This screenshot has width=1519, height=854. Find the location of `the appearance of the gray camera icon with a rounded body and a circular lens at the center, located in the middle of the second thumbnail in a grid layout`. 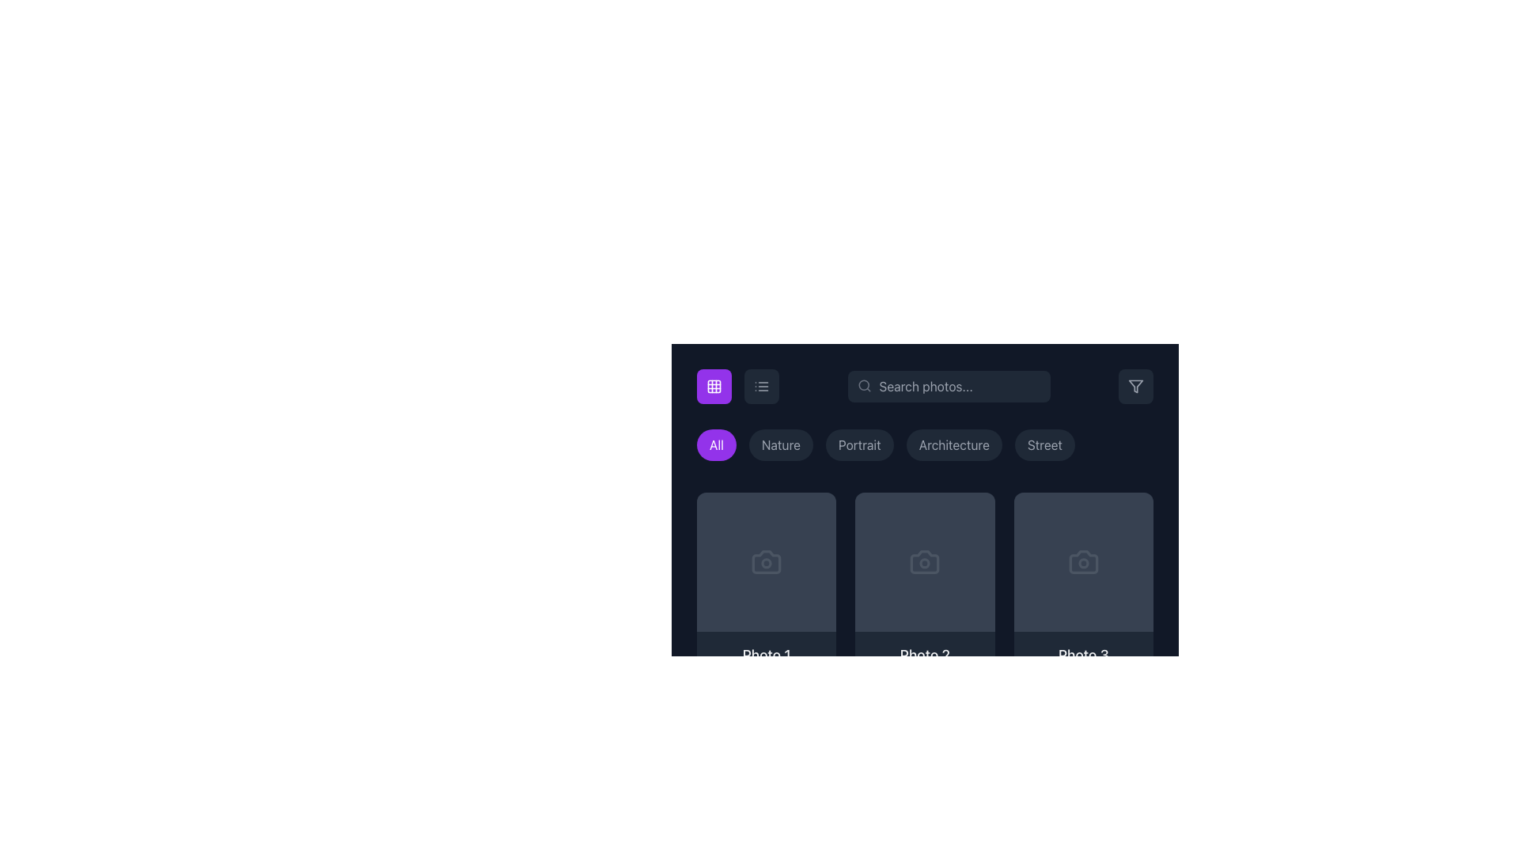

the appearance of the gray camera icon with a rounded body and a circular lens at the center, located in the middle of the second thumbnail in a grid layout is located at coordinates (925, 561).